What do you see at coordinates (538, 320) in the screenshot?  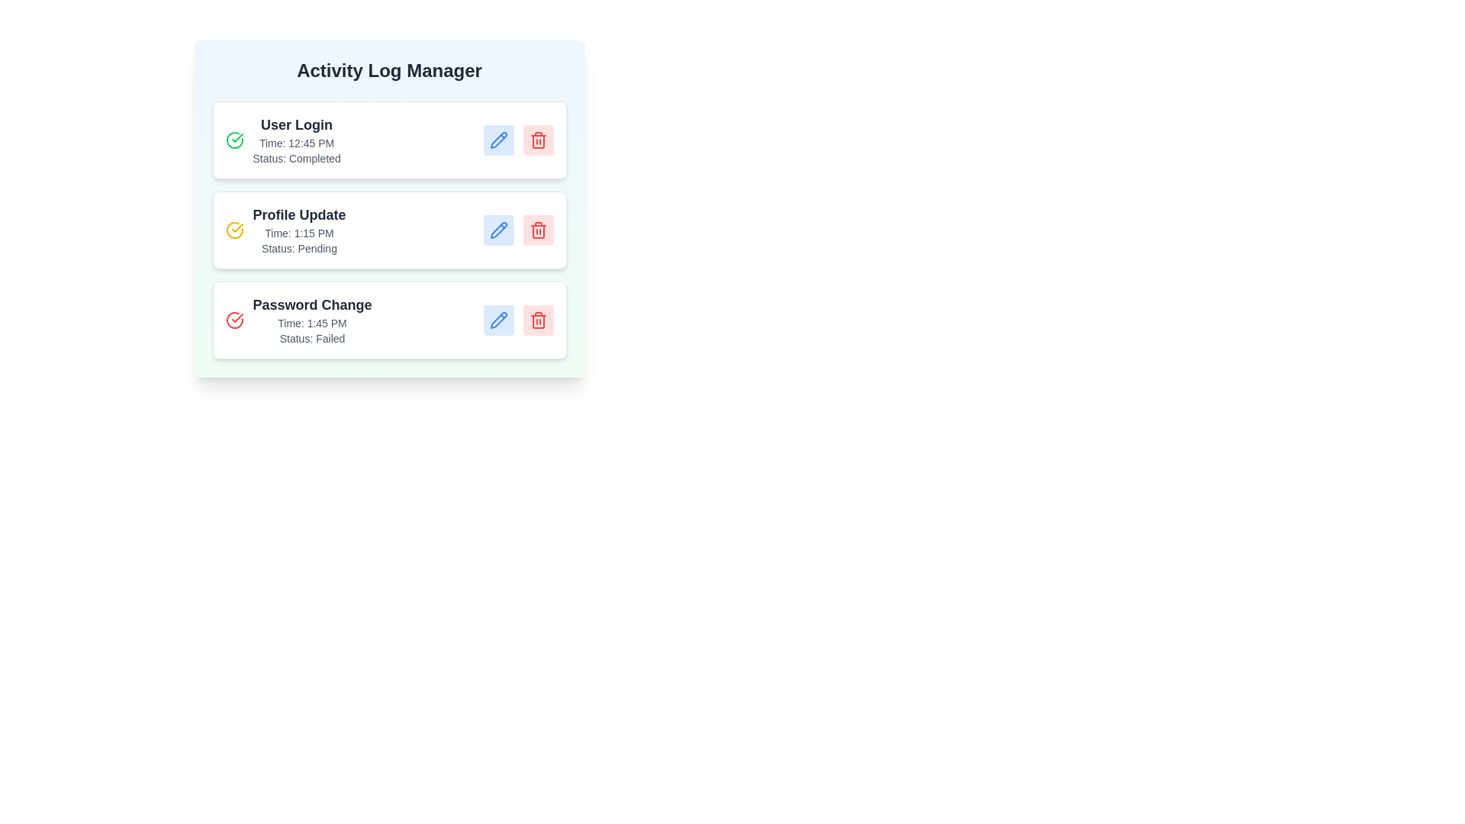 I see `delete button for the activity log with action Password Change` at bounding box center [538, 320].